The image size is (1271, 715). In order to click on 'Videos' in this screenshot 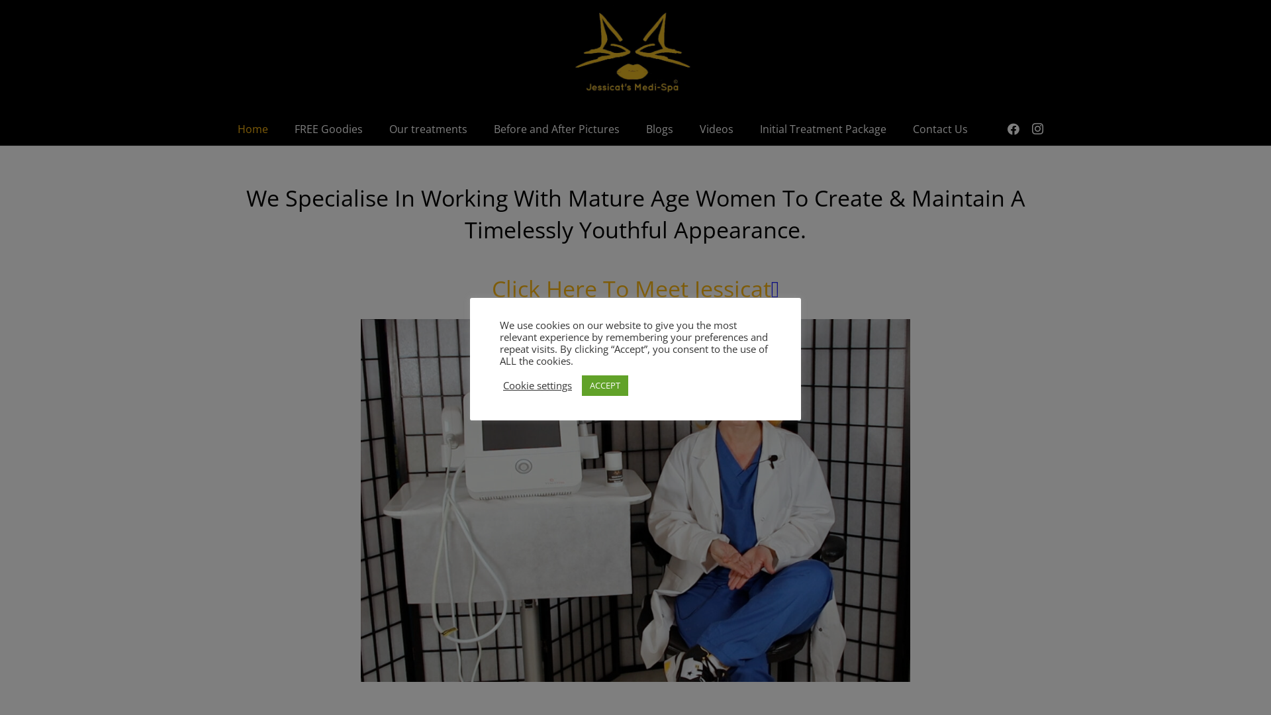, I will do `click(686, 129)`.